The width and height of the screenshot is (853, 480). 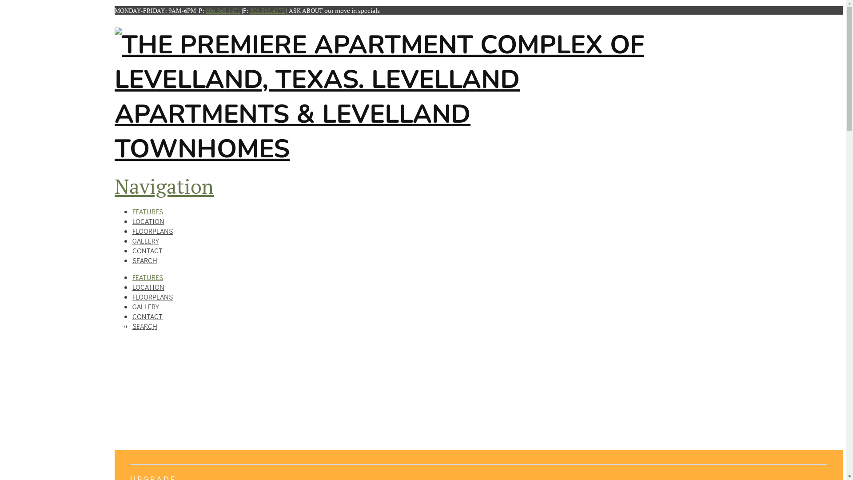 I want to click on 'SEARCH', so click(x=145, y=257).